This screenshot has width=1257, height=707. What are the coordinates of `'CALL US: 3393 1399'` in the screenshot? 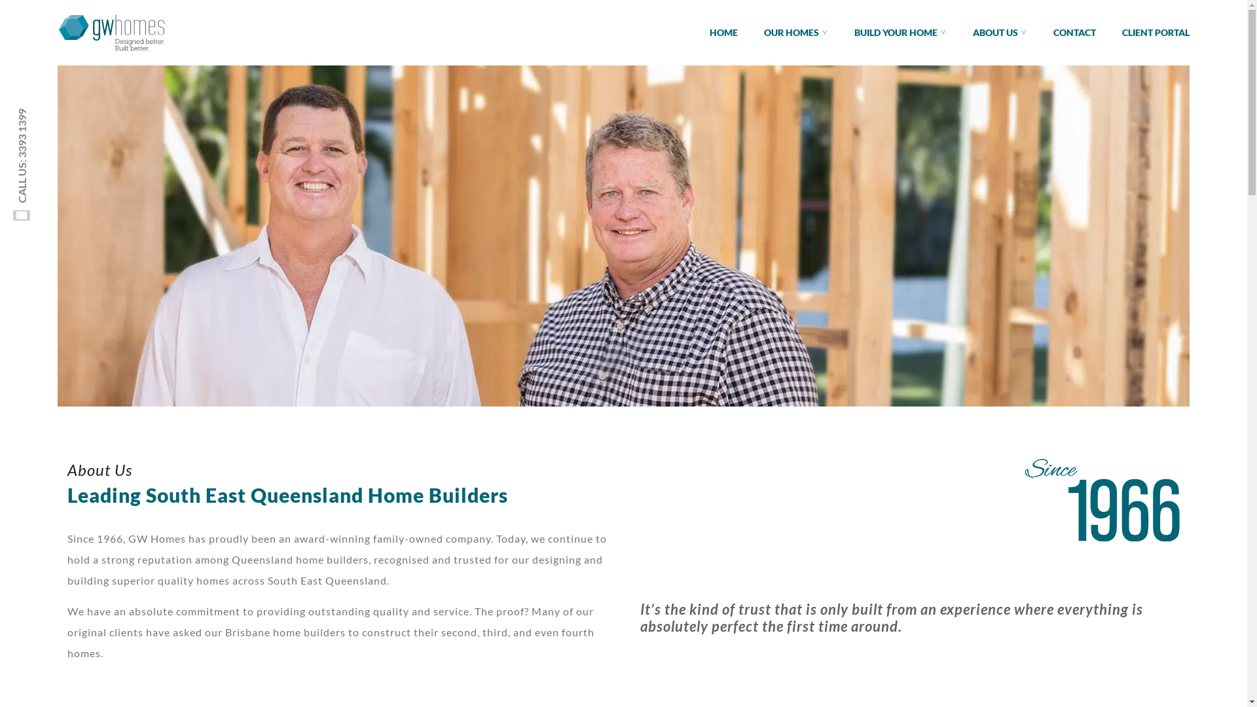 It's located at (70, 118).